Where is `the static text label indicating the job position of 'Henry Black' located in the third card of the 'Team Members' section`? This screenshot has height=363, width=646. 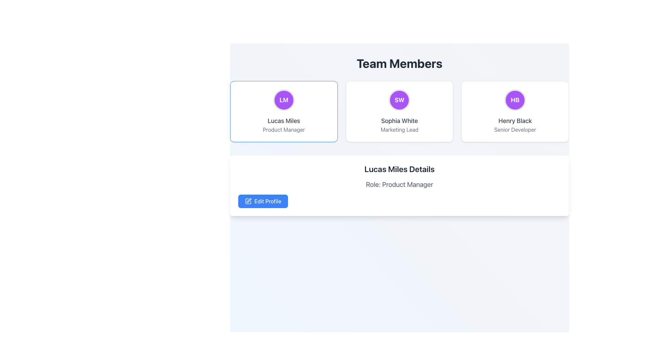
the static text label indicating the job position of 'Henry Black' located in the third card of the 'Team Members' section is located at coordinates (515, 129).